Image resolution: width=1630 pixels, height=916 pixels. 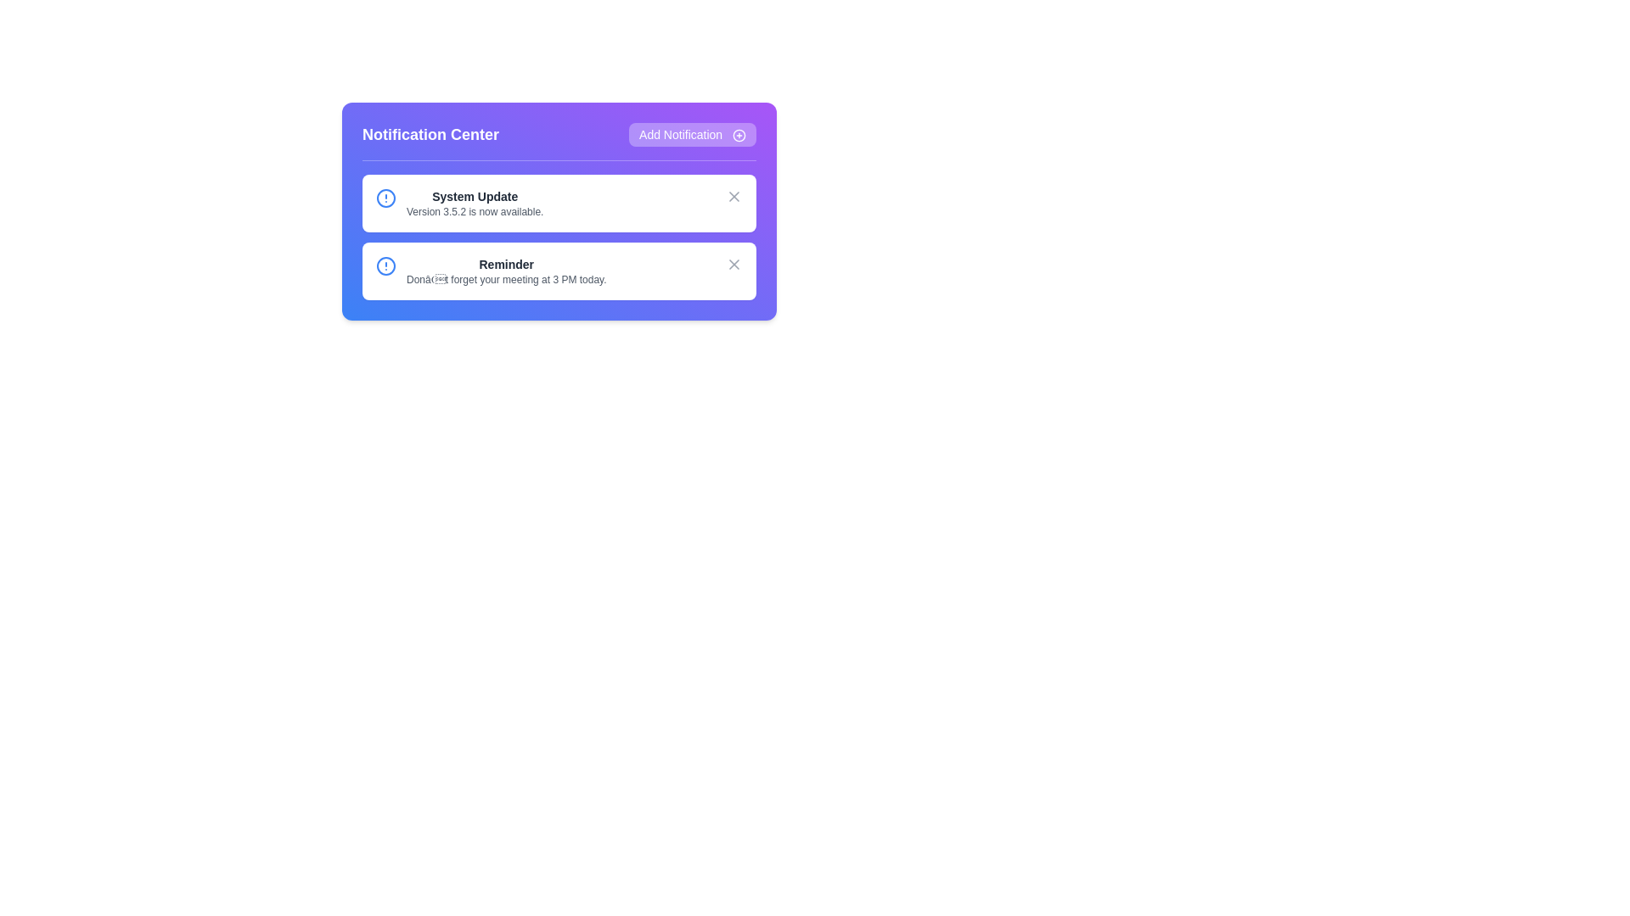 I want to click on the text label displaying 'Don’t forget your meeting at 3 PM today.' within the 'Reminder' notification card, so click(x=505, y=279).